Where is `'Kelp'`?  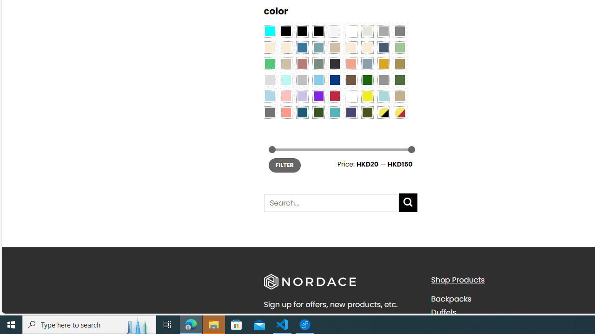 'Kelp' is located at coordinates (400, 64).